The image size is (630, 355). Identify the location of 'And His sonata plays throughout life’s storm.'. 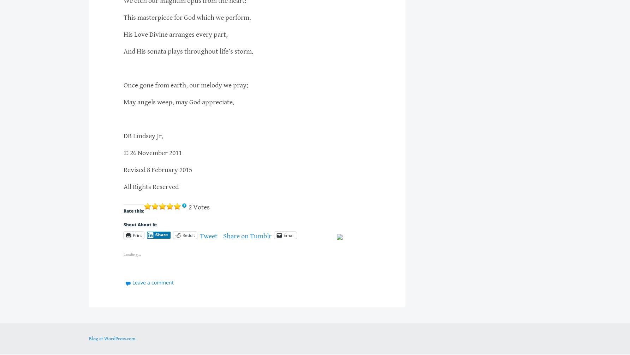
(188, 51).